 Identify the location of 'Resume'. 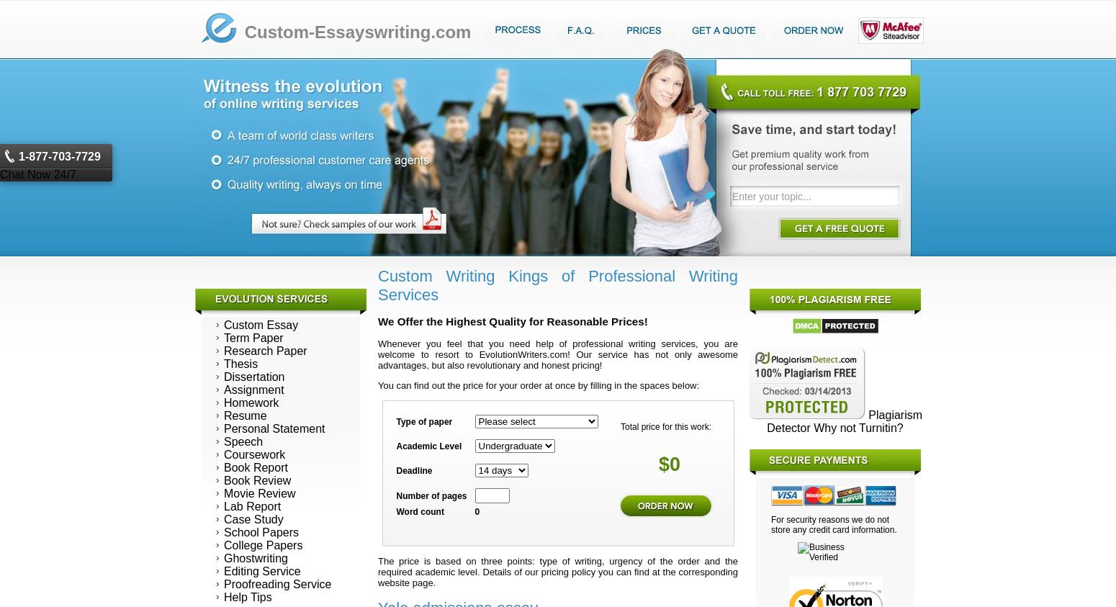
(244, 414).